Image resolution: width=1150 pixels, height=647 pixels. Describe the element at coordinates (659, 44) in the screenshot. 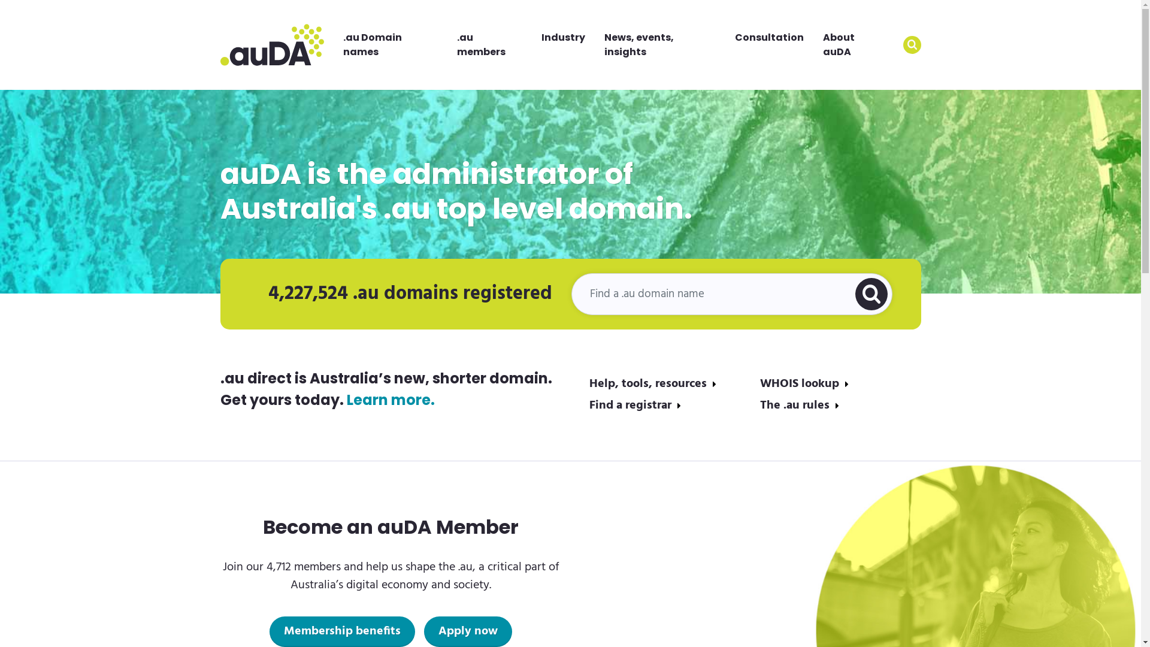

I see `'News, events, insights'` at that location.